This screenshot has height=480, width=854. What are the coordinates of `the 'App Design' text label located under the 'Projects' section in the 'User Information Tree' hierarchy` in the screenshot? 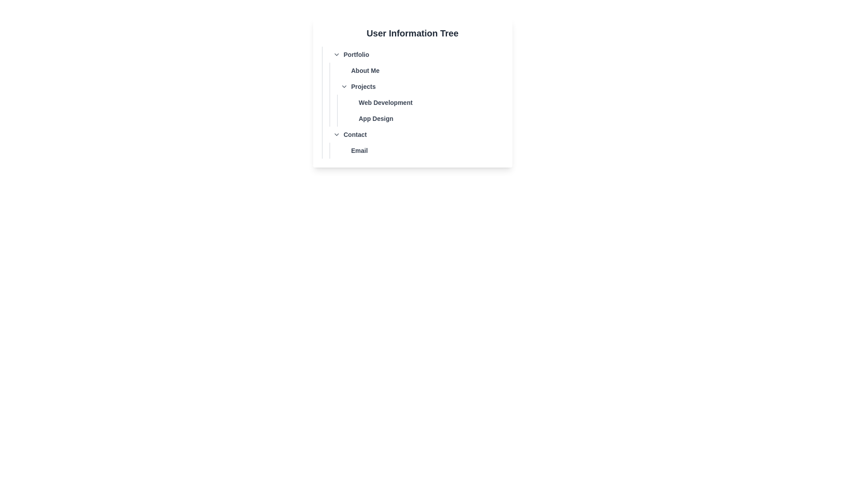 It's located at (423, 118).